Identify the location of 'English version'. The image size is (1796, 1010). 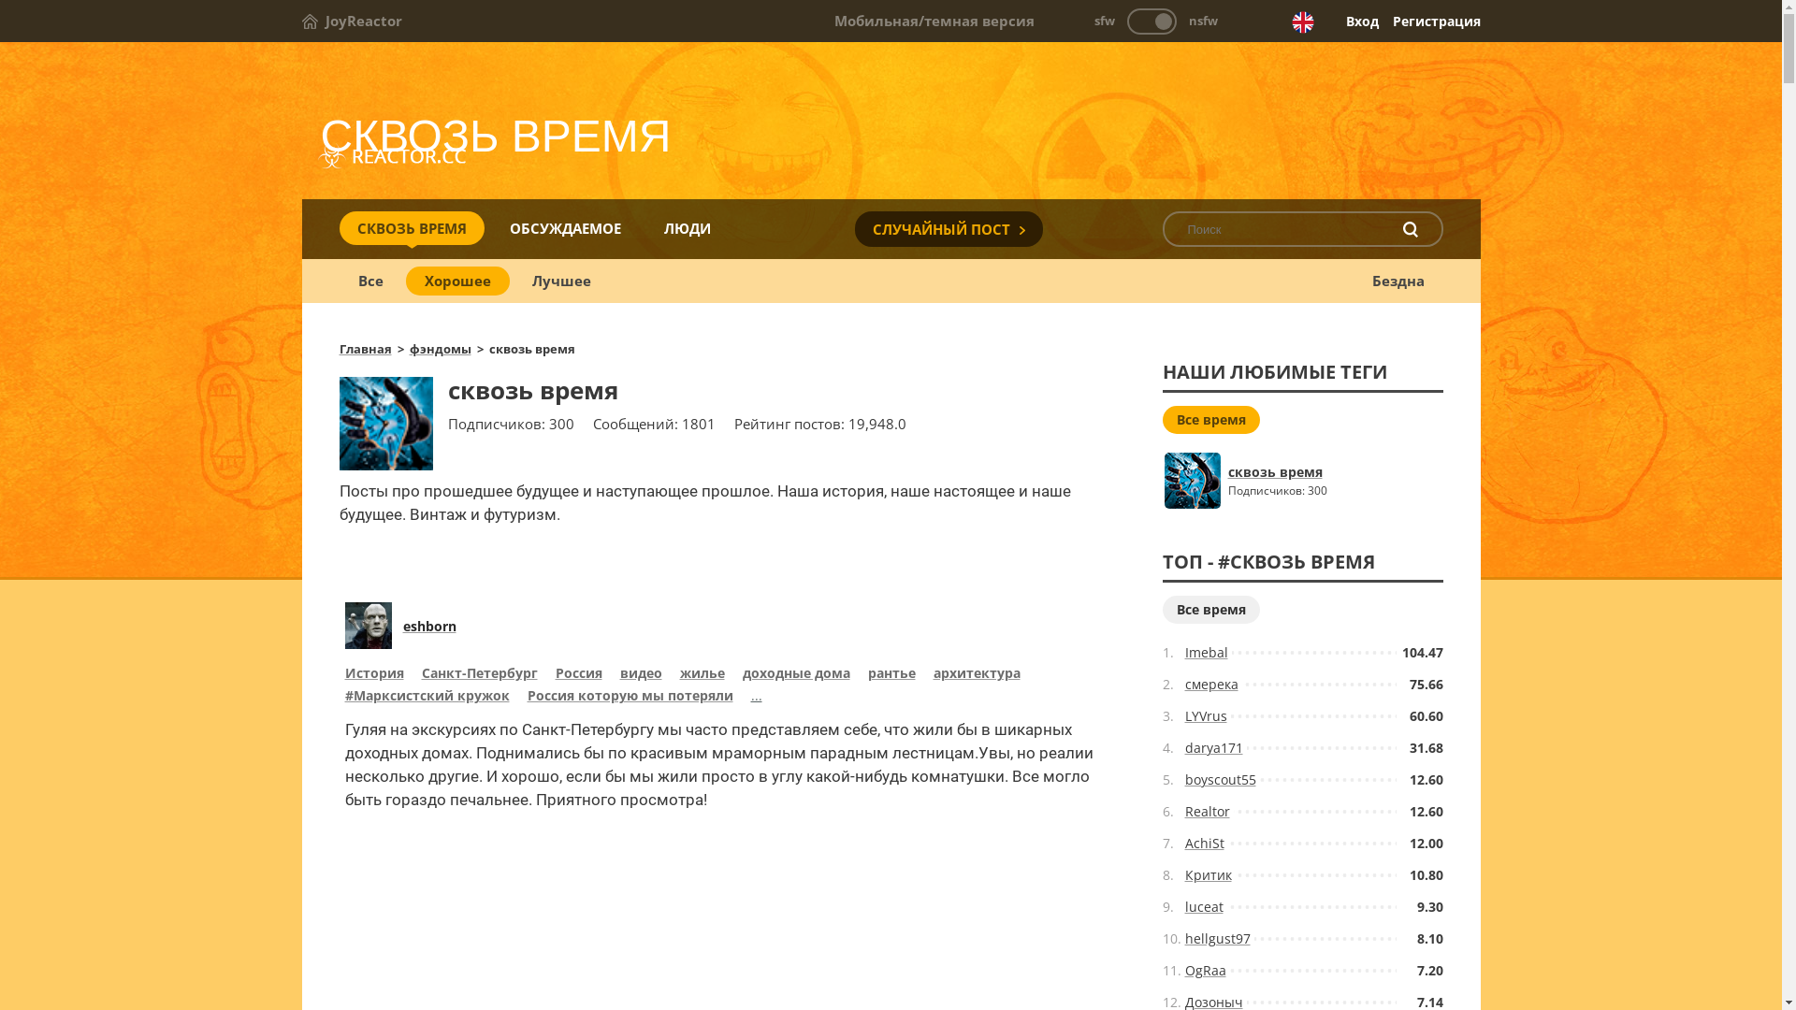
(1290, 22).